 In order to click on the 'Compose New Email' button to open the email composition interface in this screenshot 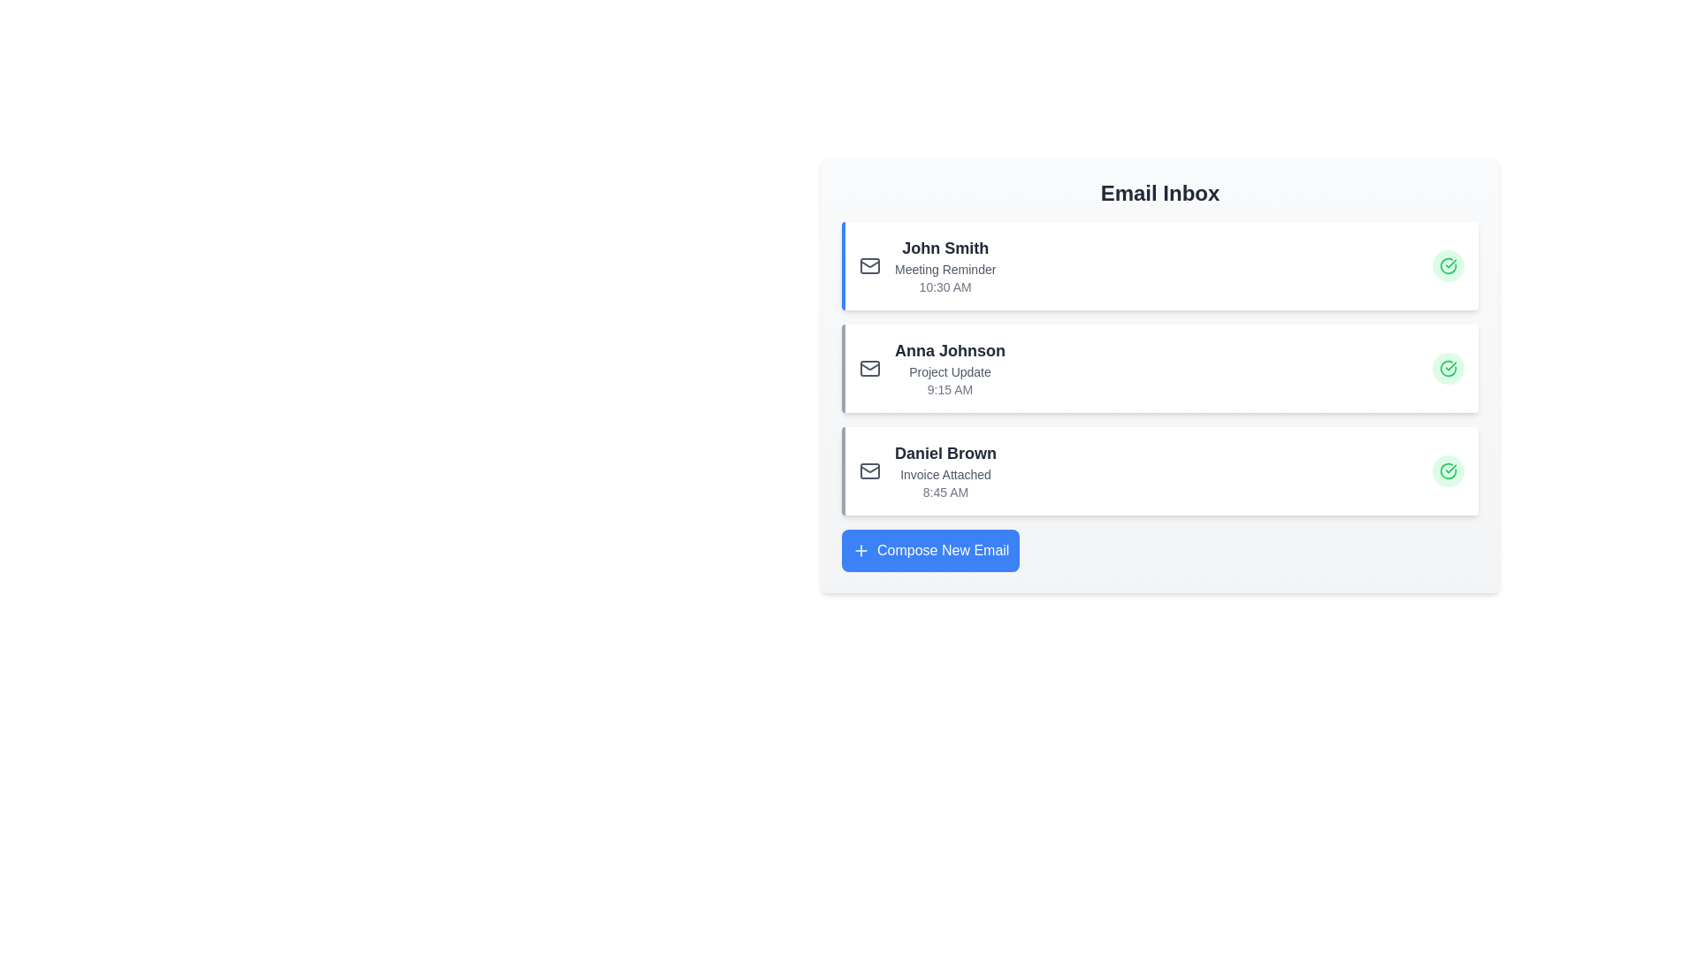, I will do `click(929, 550)`.